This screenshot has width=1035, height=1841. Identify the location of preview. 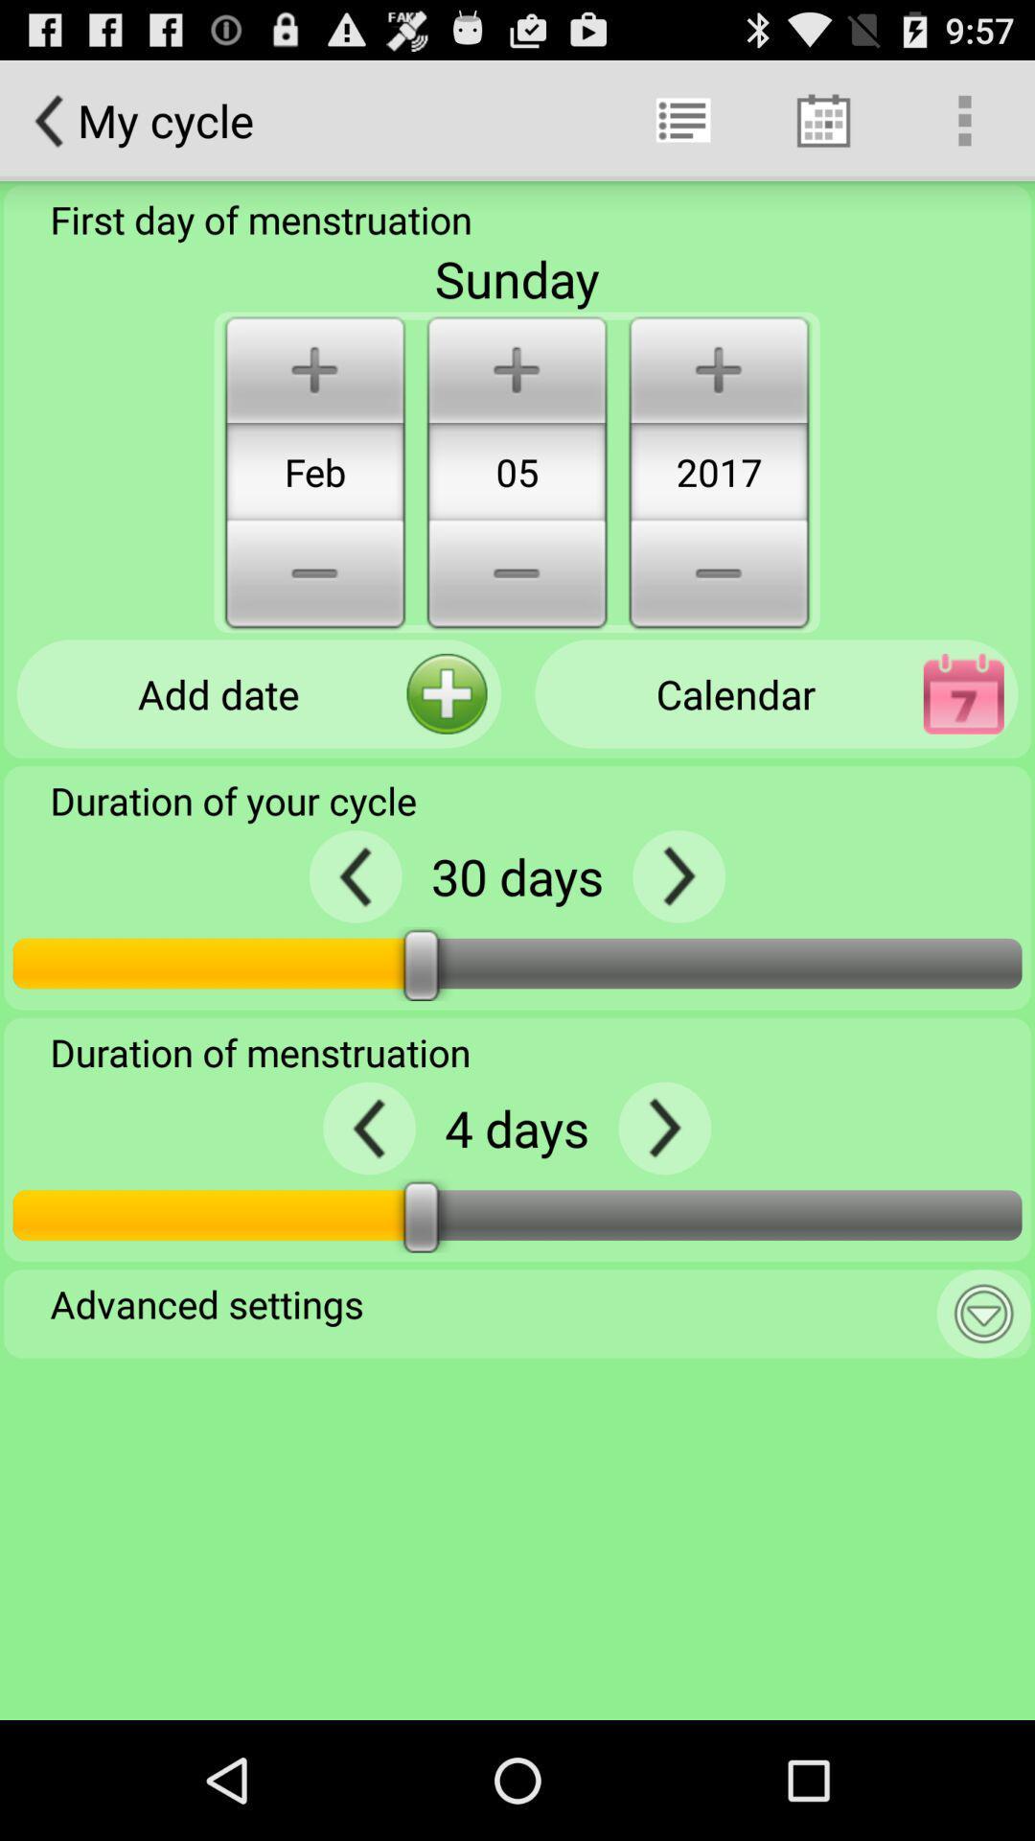
(356, 875).